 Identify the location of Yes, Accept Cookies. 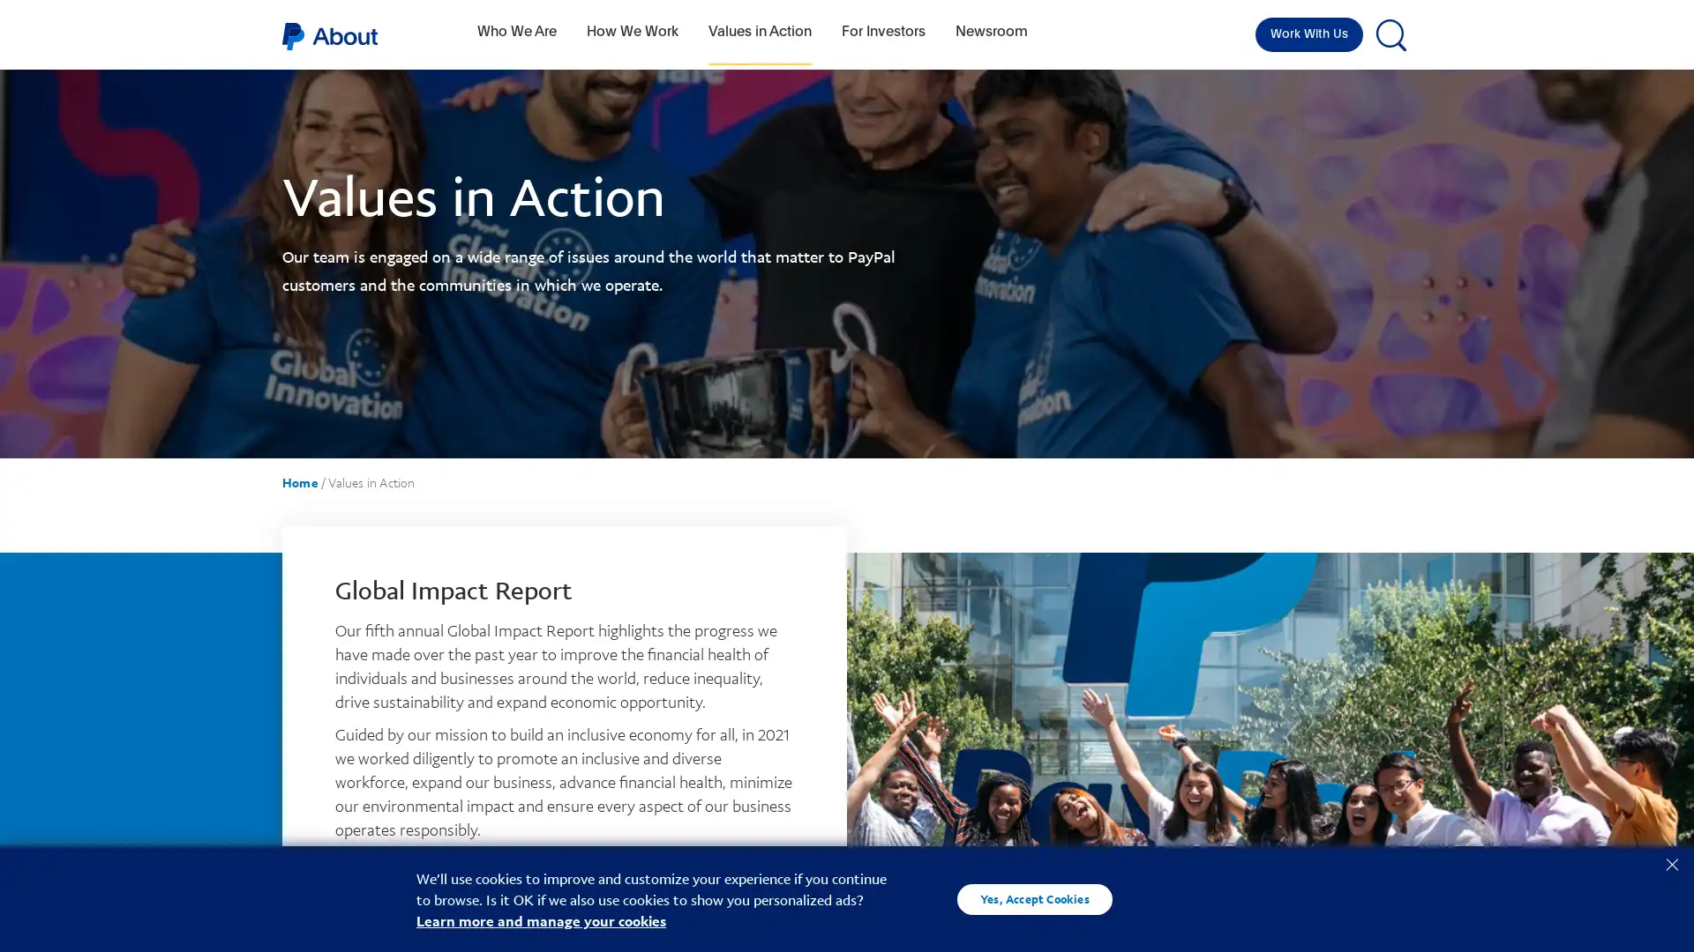
(1034, 898).